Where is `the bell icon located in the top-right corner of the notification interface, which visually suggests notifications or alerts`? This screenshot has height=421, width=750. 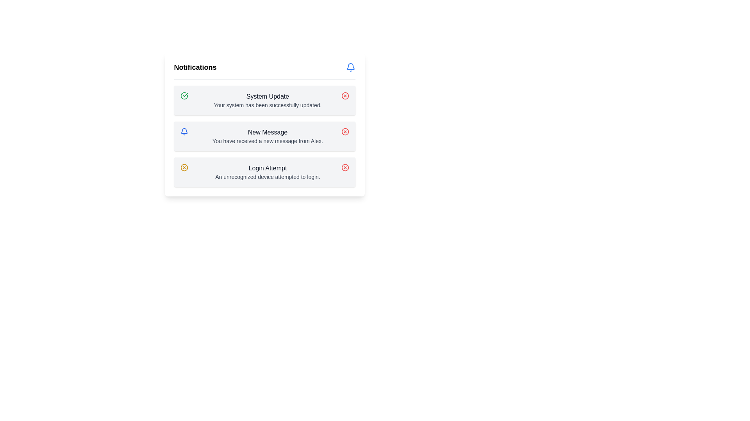 the bell icon located in the top-right corner of the notification interface, which visually suggests notifications or alerts is located at coordinates (350, 66).